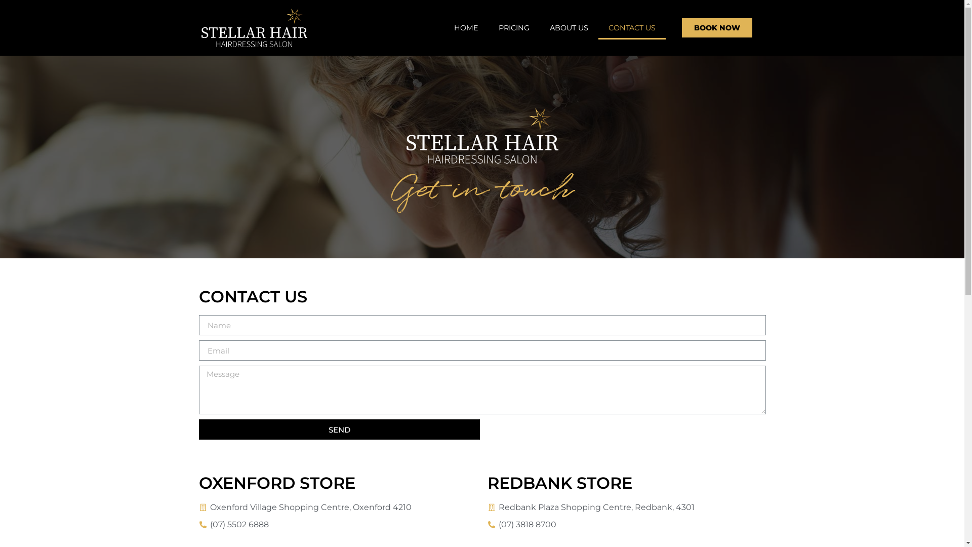  What do you see at coordinates (444, 27) in the screenshot?
I see `'HOME'` at bounding box center [444, 27].